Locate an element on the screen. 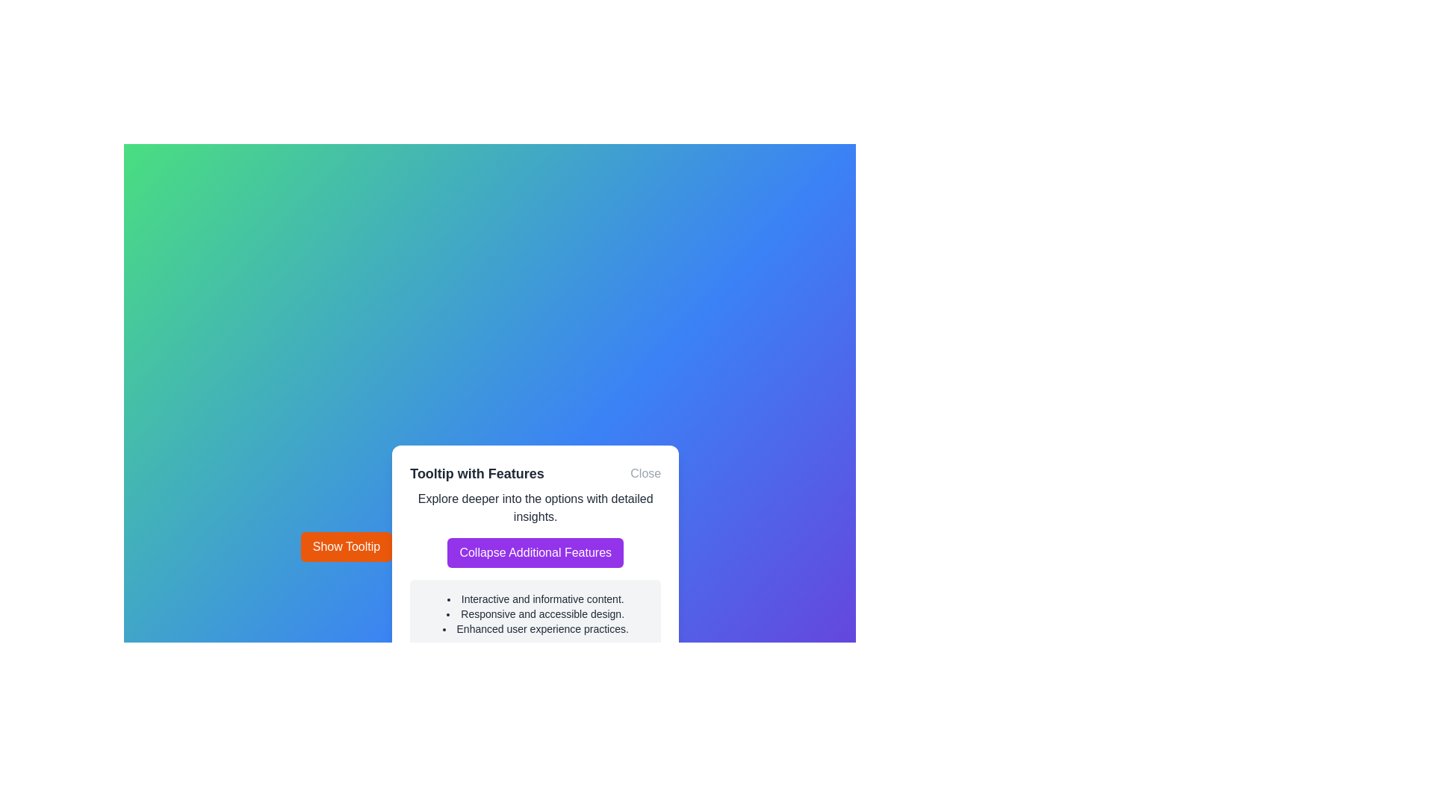 The width and height of the screenshot is (1434, 806). the third item in the vertical bulleted list within the tooltip titled 'Tooltip with Features' is located at coordinates (536, 629).